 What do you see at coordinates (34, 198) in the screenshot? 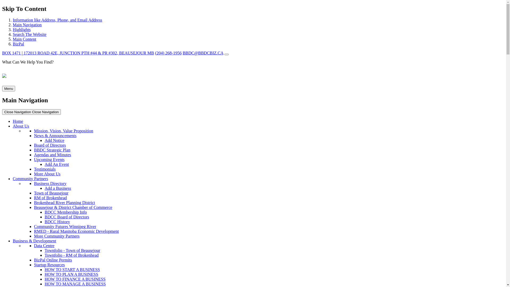
I see `'RM of Brokenhead'` at bounding box center [34, 198].